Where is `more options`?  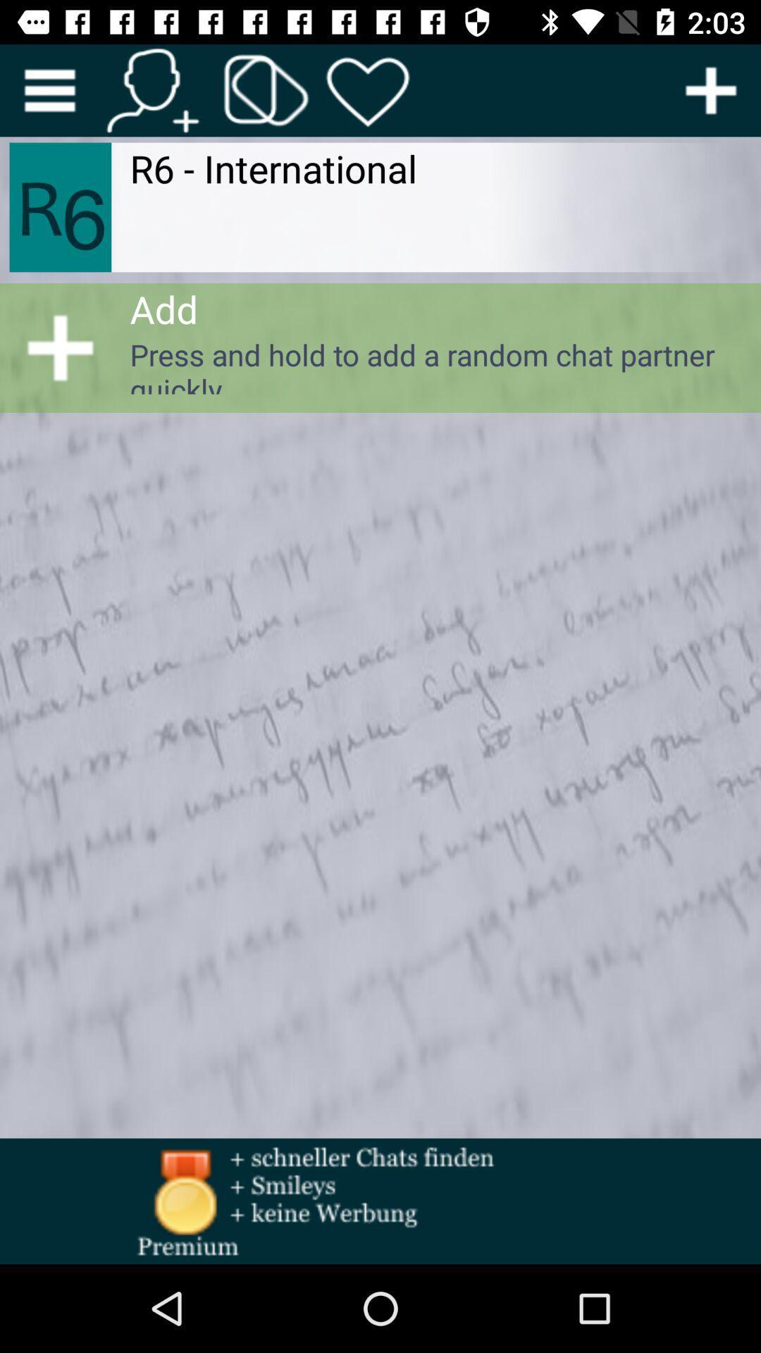
more options is located at coordinates (49, 89).